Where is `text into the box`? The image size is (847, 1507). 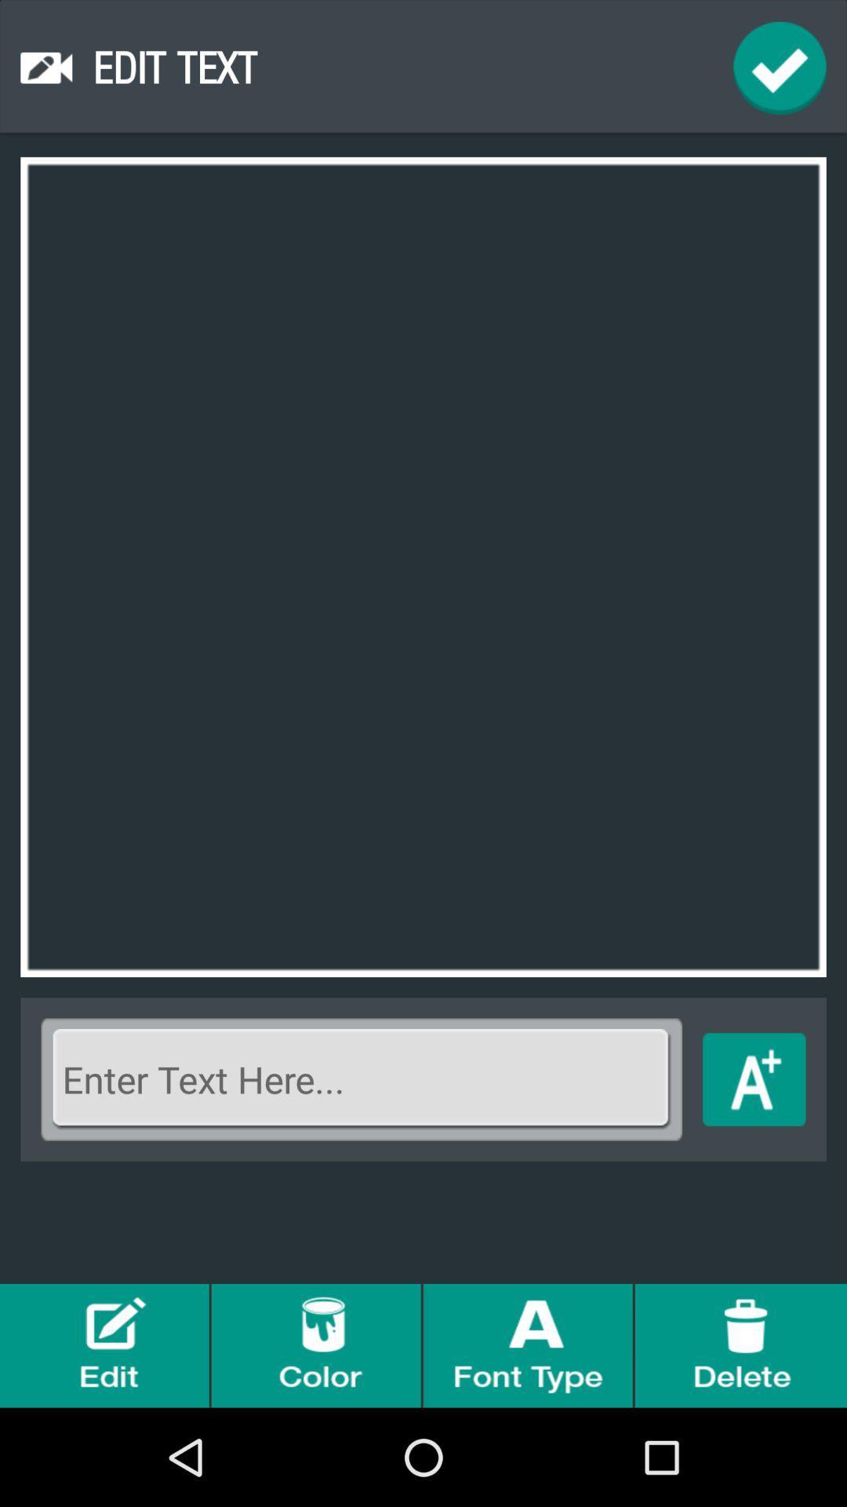
text into the box is located at coordinates (362, 1078).